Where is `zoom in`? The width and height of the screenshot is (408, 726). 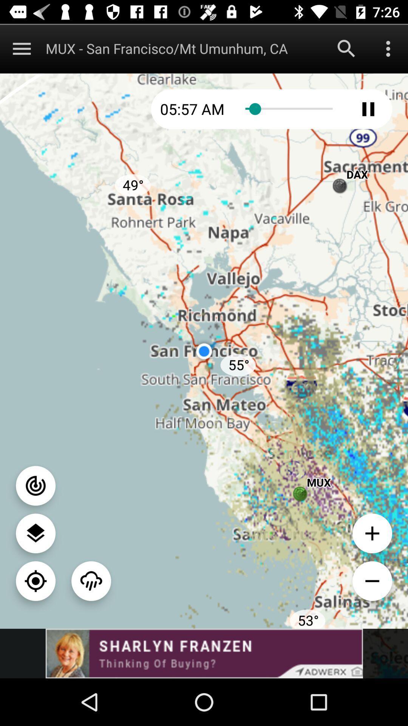
zoom in is located at coordinates (372, 533).